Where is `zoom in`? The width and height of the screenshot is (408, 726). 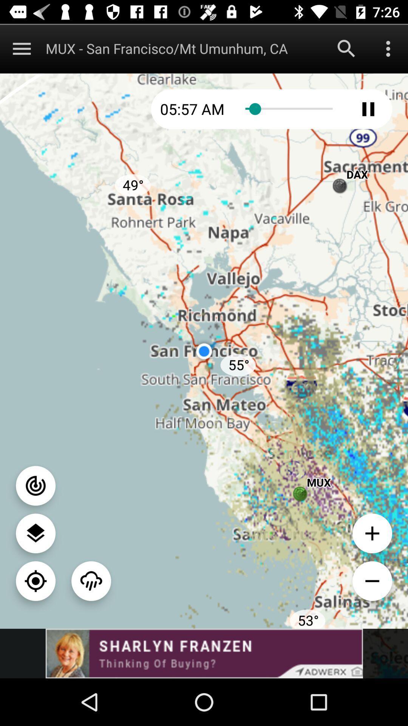
zoom in is located at coordinates (372, 533).